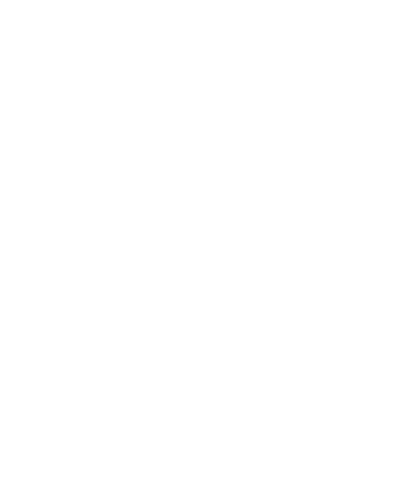  Describe the element at coordinates (5, 374) in the screenshot. I see `'Contact'` at that location.